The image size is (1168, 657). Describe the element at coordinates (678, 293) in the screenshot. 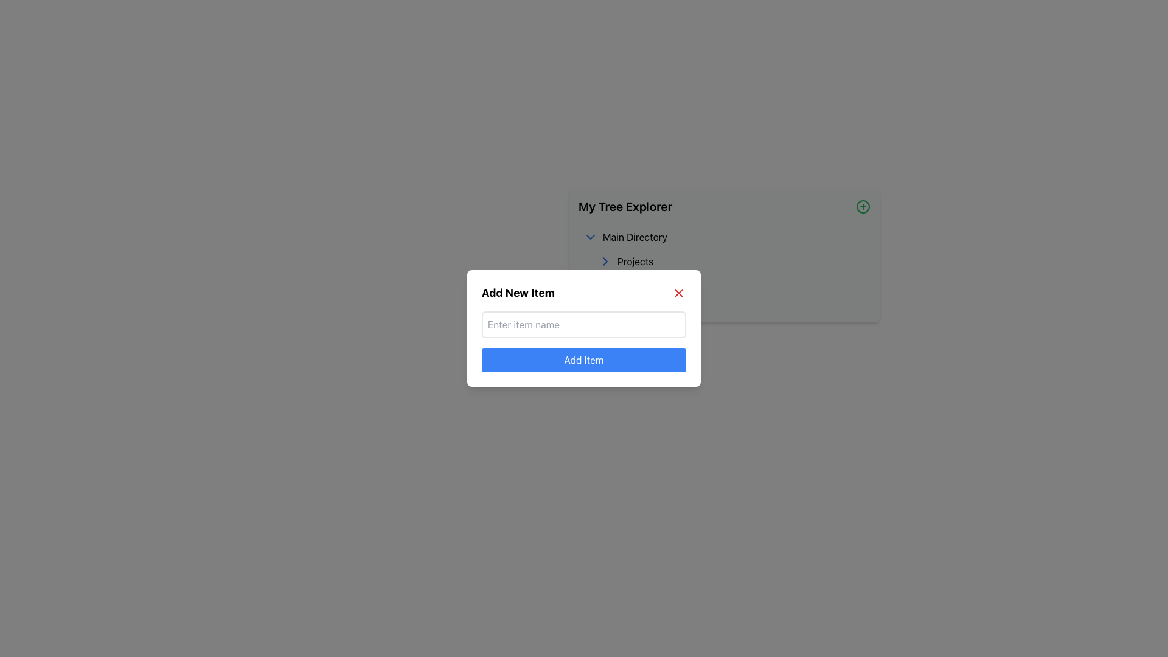

I see `the X icon located in the top-right corner of the 'Add New Item' modal` at that location.